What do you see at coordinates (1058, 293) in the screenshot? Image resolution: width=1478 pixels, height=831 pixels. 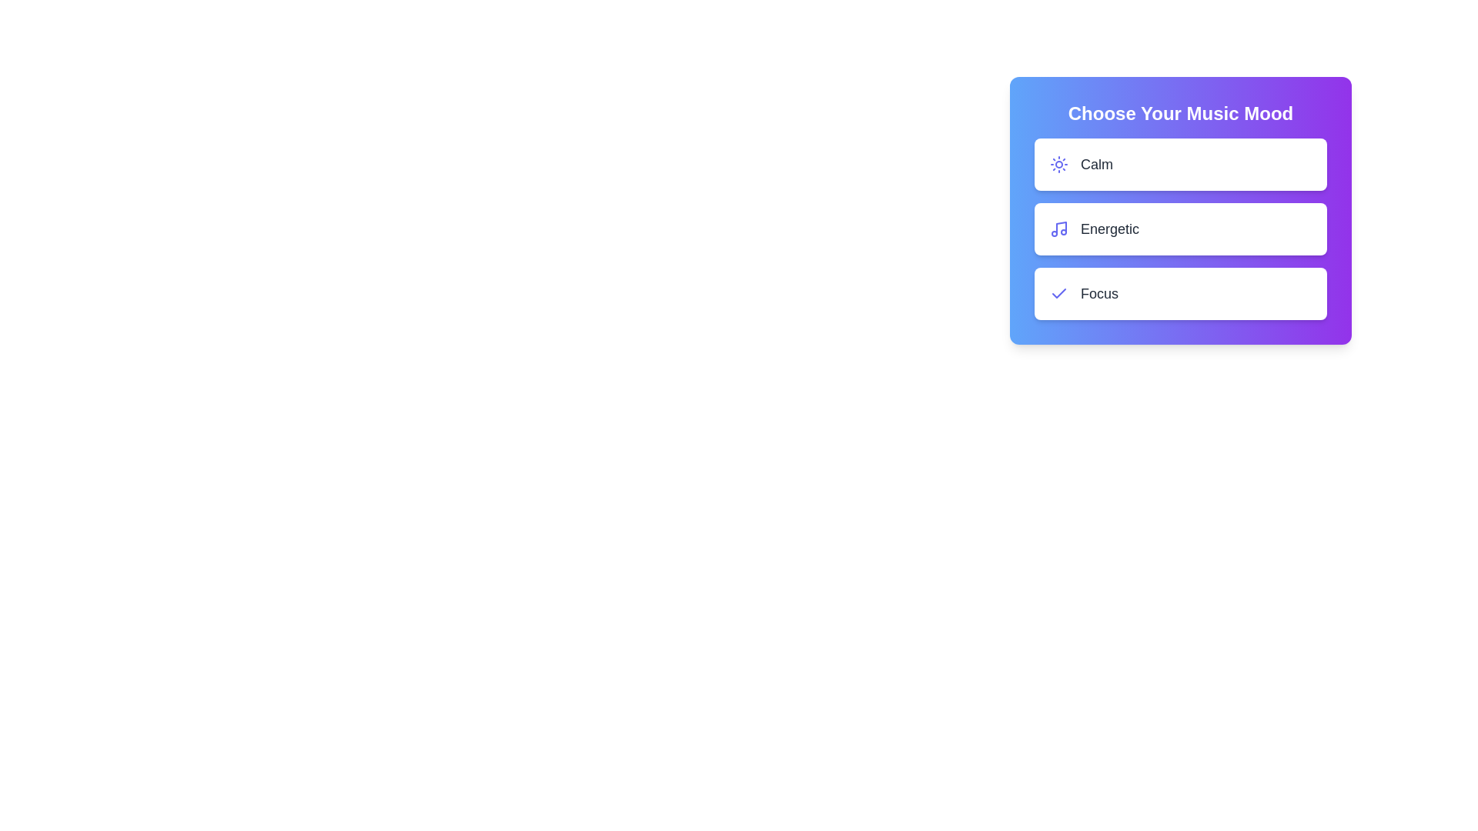 I see `the checkmark icon with a blue outline located in the top-left region of the 'Focus' option panel` at bounding box center [1058, 293].